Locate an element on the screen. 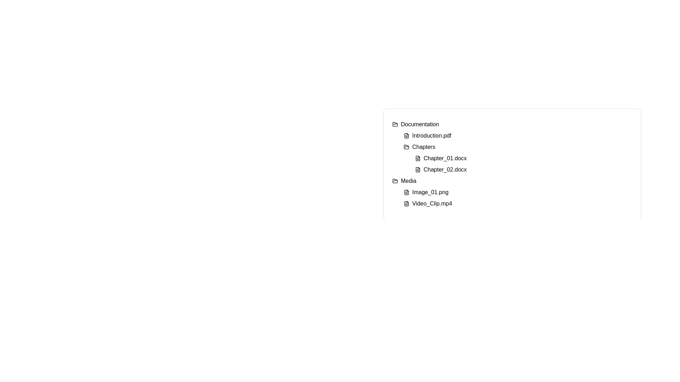 Image resolution: width=680 pixels, height=382 pixels. the document icon representing the file type for 'Video_Clip.mp4' is located at coordinates (406, 203).